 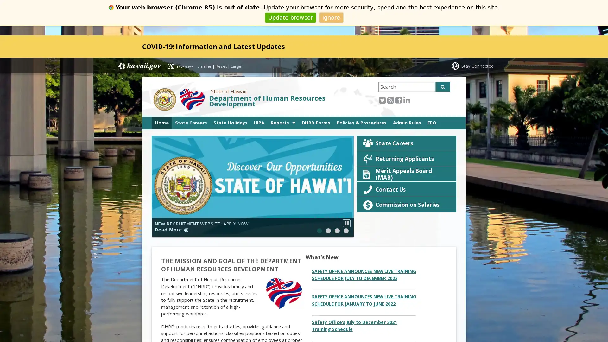 What do you see at coordinates (331, 17) in the screenshot?
I see `Ignore` at bounding box center [331, 17].